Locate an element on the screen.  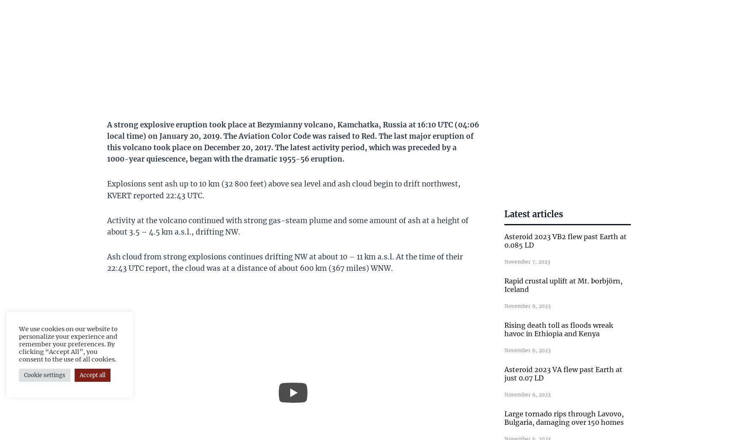
'Latest articles' is located at coordinates (533, 213).